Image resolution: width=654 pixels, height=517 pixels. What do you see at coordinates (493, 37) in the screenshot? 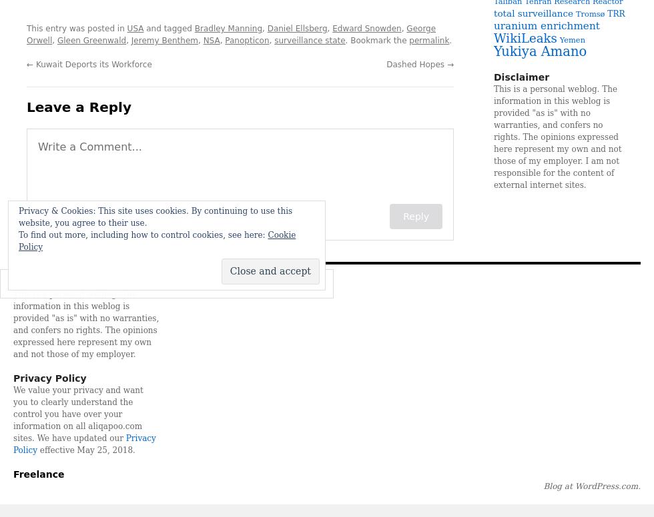
I see `'WikiLeaks'` at bounding box center [493, 37].